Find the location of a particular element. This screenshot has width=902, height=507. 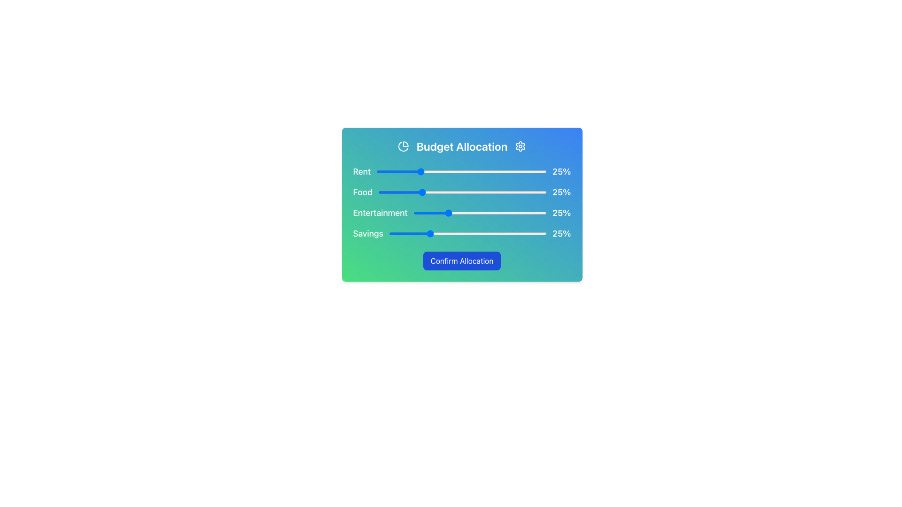

the slider is located at coordinates (484, 192).